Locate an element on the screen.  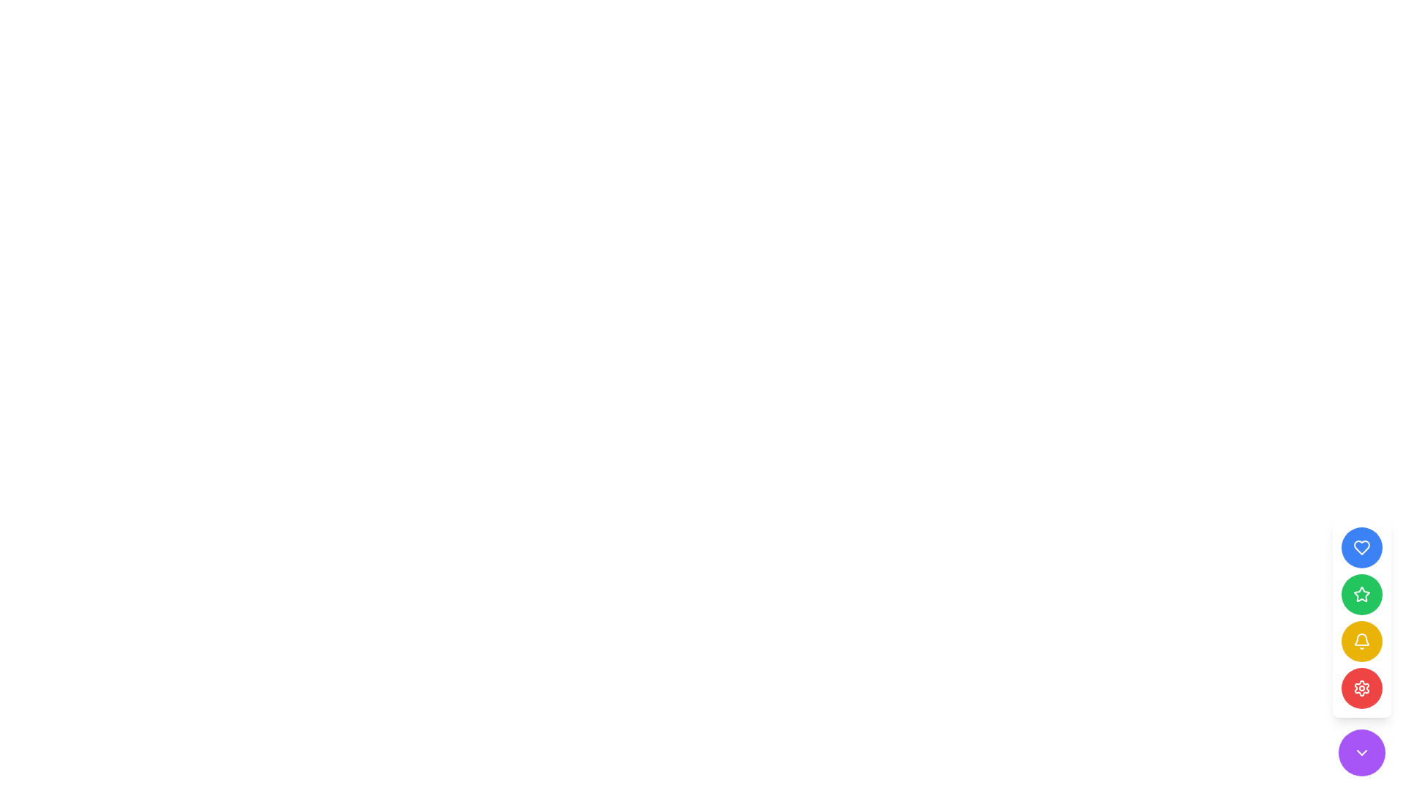
the blue heart icon located at the top of the vertical action bar on the right side of the interface is located at coordinates (1361, 548).